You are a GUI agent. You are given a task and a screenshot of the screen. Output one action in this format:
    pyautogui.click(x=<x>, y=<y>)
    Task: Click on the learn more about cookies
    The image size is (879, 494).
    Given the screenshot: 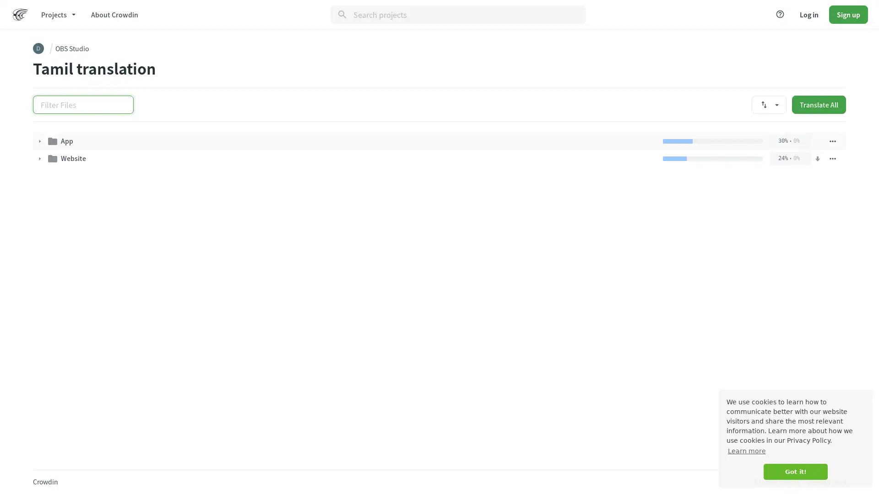 What is the action you would take?
    pyautogui.click(x=746, y=451)
    